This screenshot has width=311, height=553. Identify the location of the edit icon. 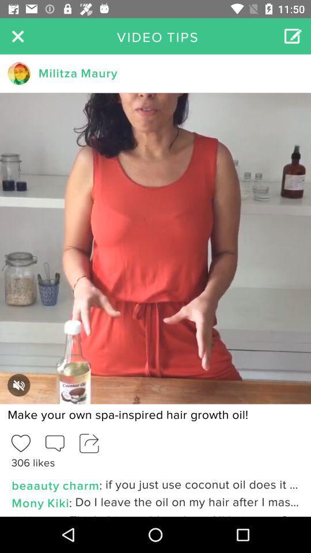
(293, 36).